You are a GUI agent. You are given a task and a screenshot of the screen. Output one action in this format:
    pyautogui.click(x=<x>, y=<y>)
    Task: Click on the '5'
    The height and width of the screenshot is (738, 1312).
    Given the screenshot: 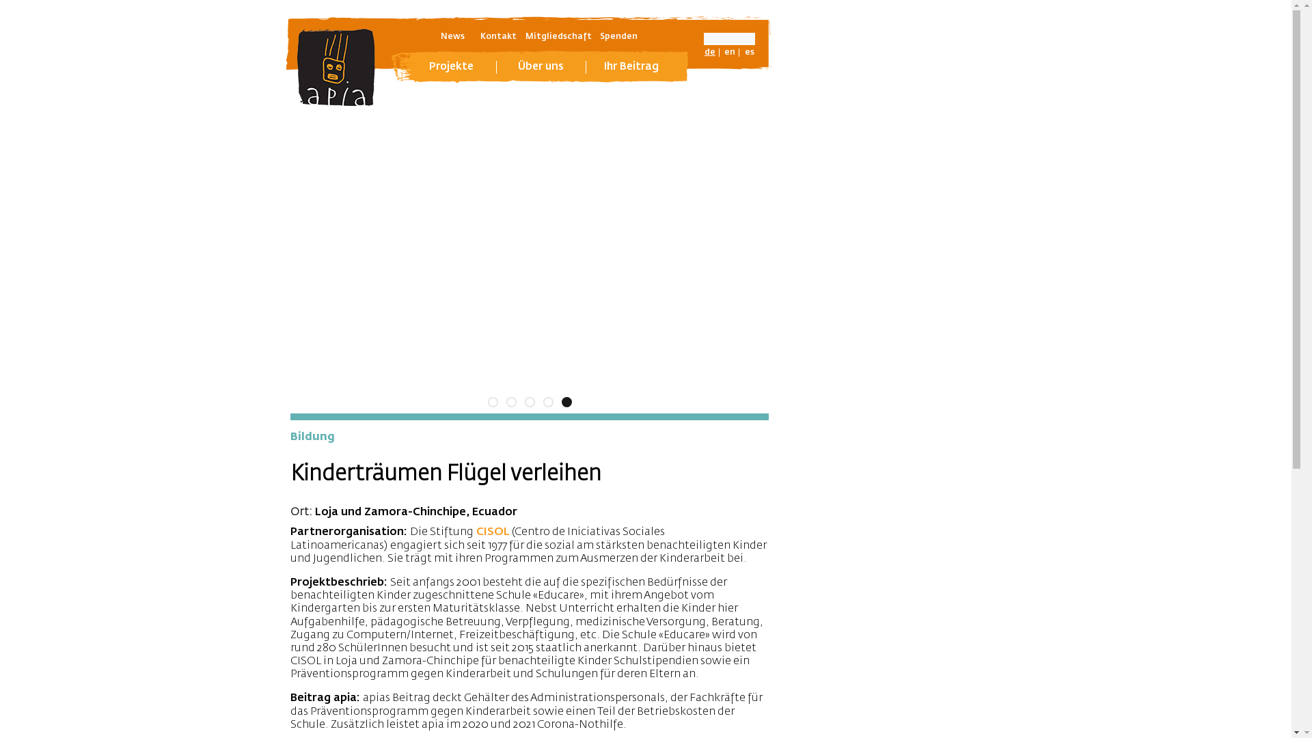 What is the action you would take?
    pyautogui.click(x=561, y=401)
    